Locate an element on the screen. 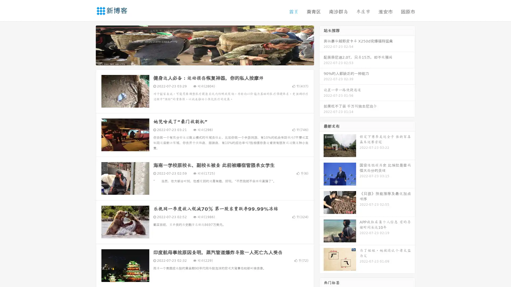 The height and width of the screenshot is (287, 511). Next slide is located at coordinates (322, 45).